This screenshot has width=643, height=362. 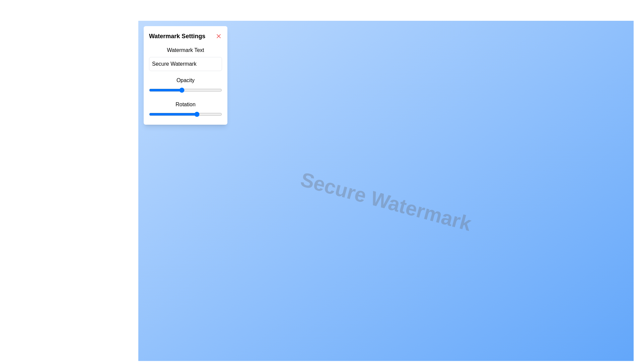 What do you see at coordinates (165, 114) in the screenshot?
I see `the rotation value` at bounding box center [165, 114].